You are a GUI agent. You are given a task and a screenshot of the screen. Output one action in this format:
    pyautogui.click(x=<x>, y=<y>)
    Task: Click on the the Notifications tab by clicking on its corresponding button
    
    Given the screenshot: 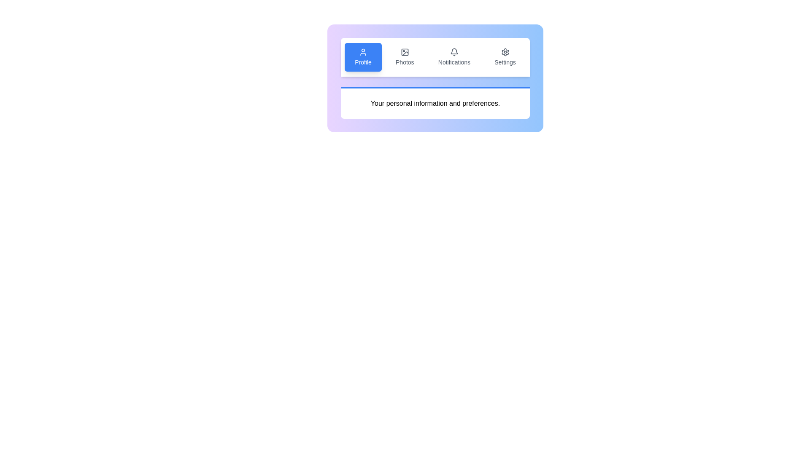 What is the action you would take?
    pyautogui.click(x=454, y=57)
    